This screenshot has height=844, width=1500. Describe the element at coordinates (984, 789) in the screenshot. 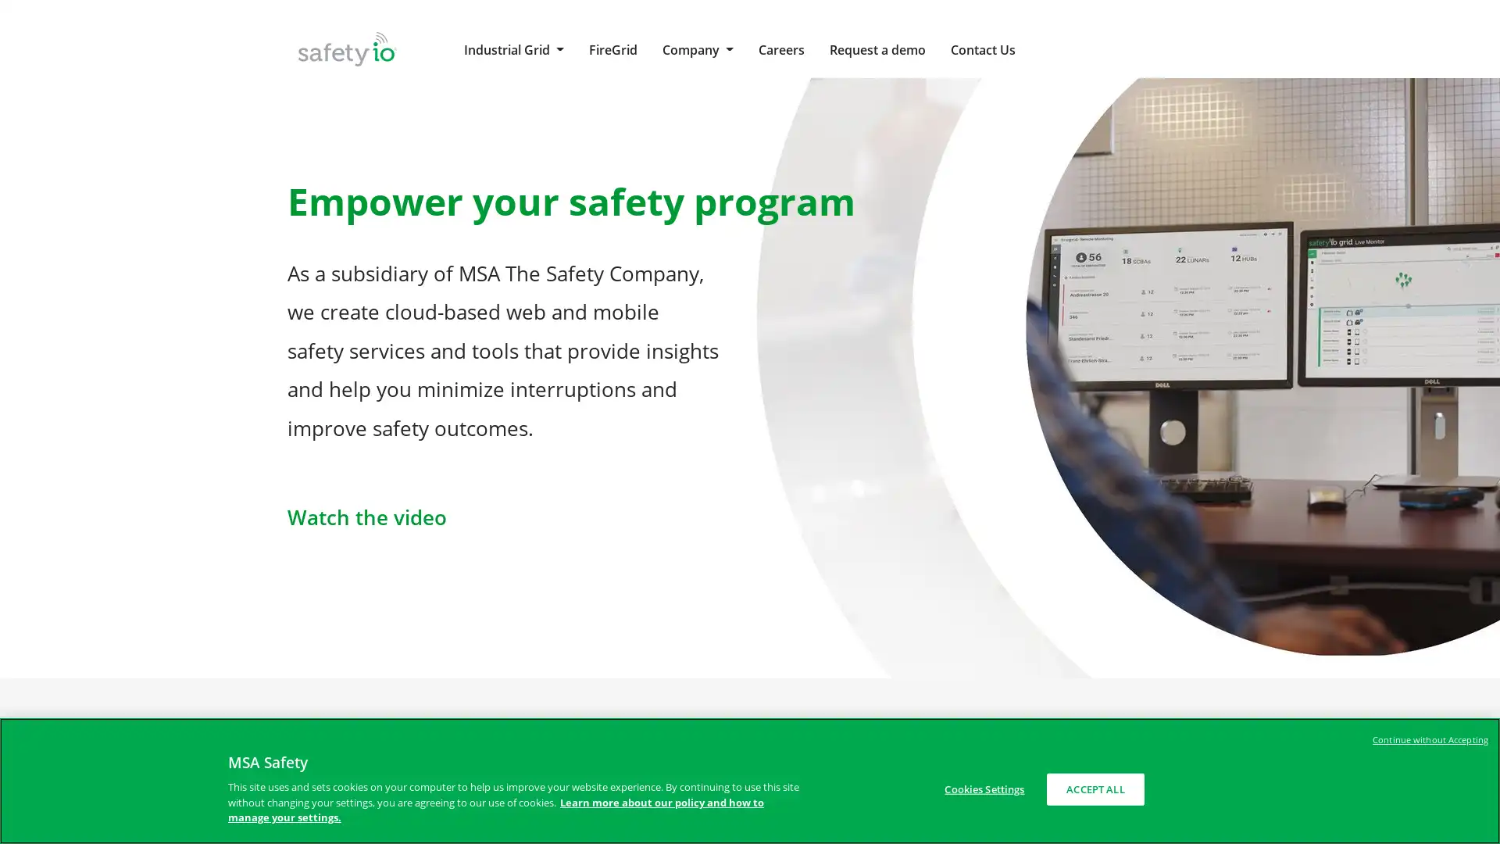

I see `Cookies Settings` at that location.